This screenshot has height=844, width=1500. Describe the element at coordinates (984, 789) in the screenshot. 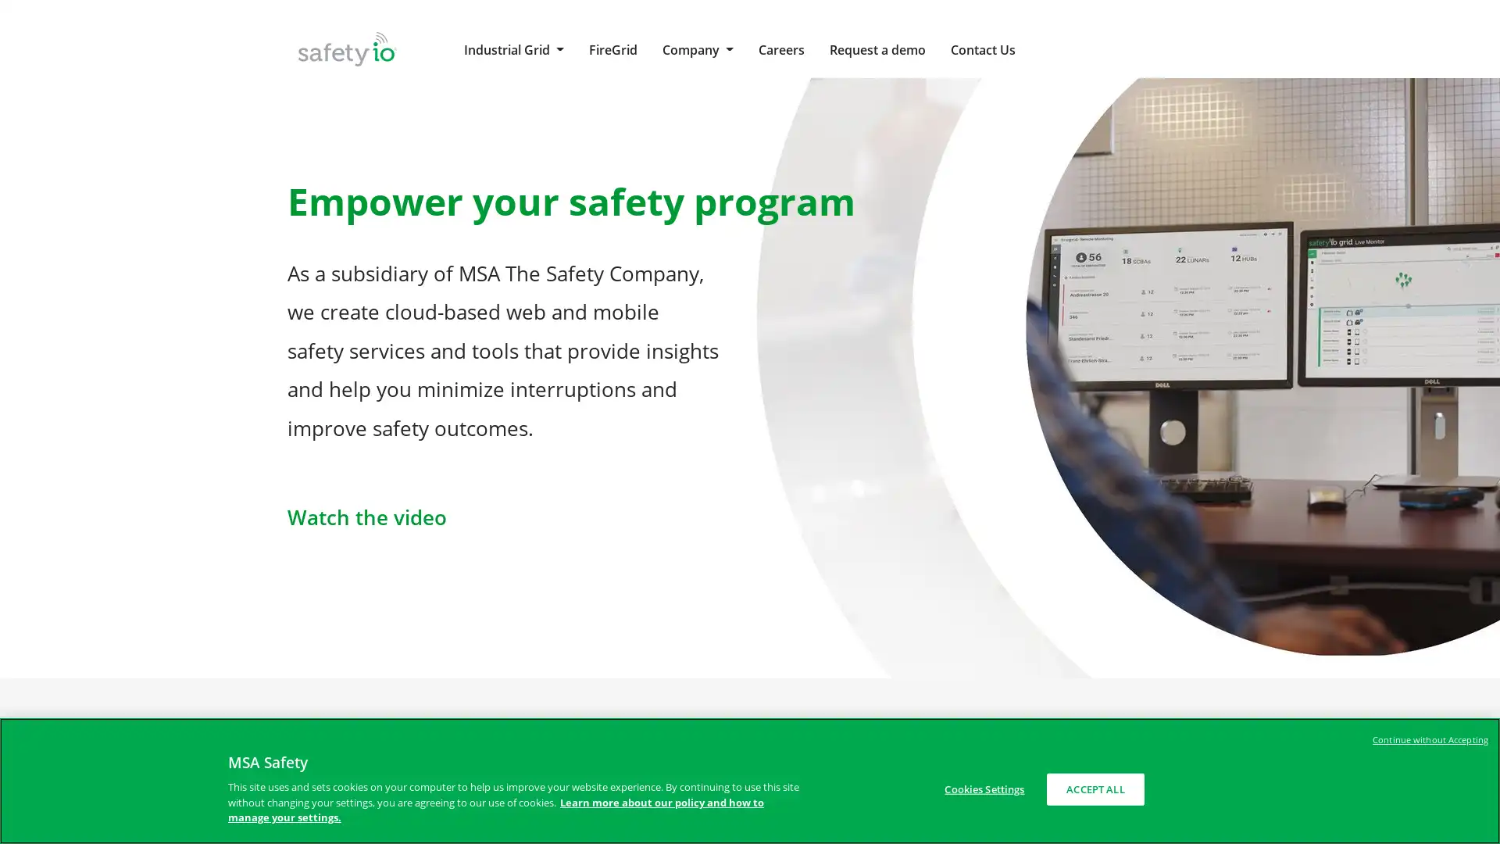

I see `Cookies Settings` at that location.